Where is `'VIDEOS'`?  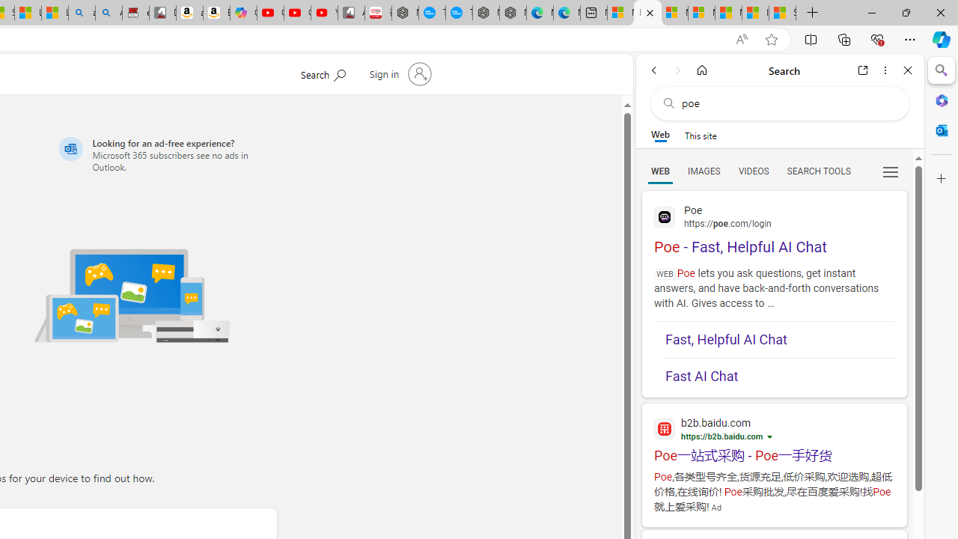
'VIDEOS' is located at coordinates (753, 170).